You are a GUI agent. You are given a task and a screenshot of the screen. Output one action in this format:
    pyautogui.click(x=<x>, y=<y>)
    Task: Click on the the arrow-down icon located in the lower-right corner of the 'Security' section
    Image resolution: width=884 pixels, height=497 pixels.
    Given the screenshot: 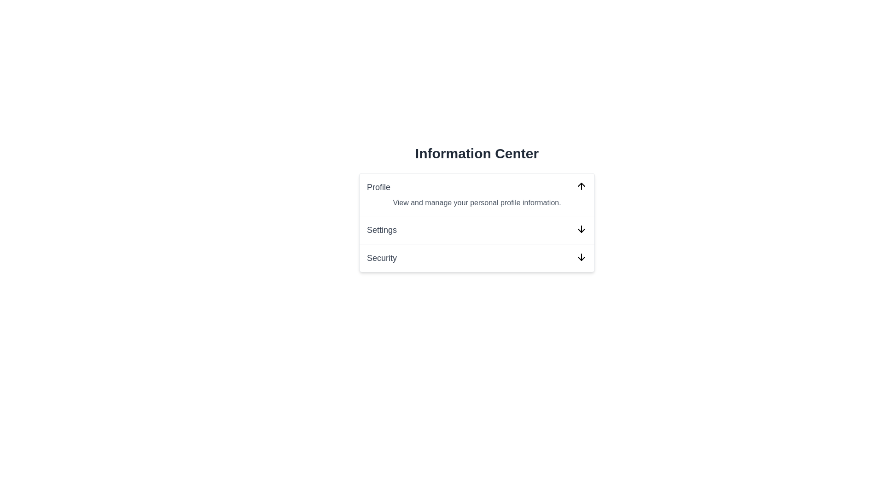 What is the action you would take?
    pyautogui.click(x=581, y=257)
    